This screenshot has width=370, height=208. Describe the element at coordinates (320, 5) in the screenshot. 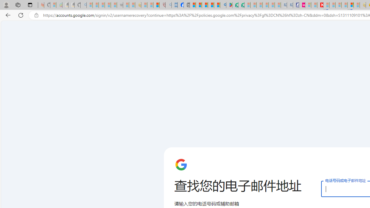

I see `'Latest Politics News & Archive | Newsweek.com'` at that location.